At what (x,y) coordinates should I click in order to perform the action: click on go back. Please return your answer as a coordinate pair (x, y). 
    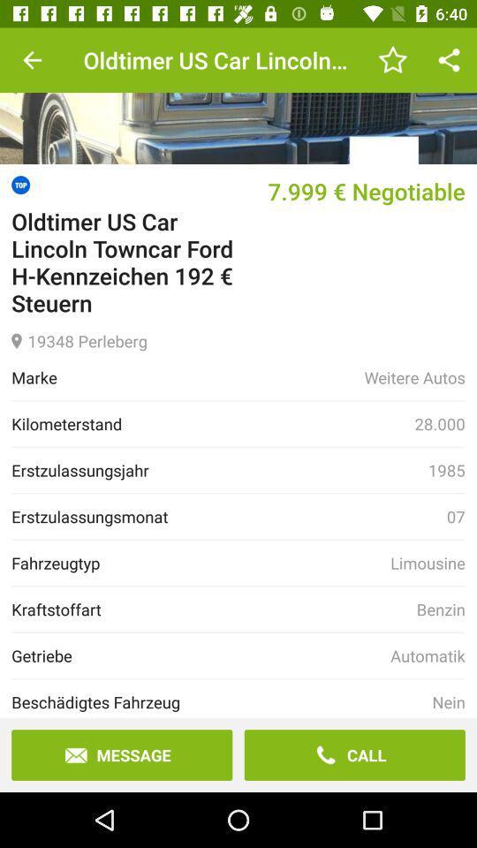
    Looking at the image, I should click on (32, 60).